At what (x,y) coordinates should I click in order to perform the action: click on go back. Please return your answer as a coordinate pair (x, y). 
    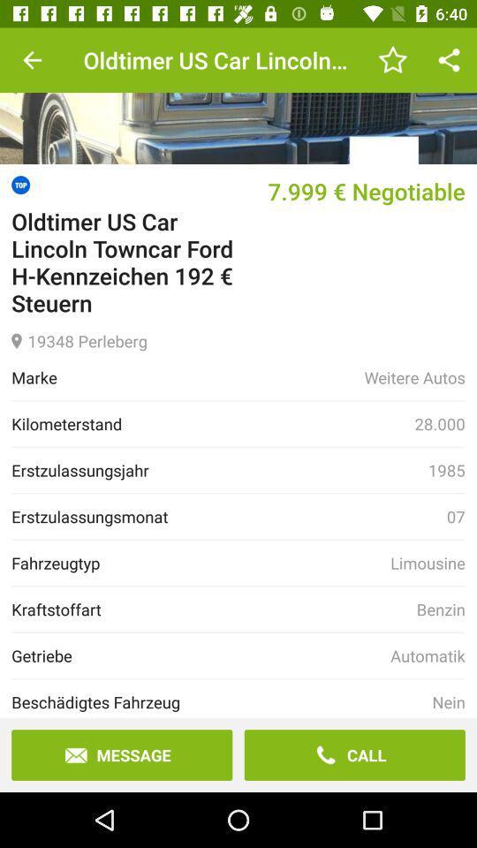
    Looking at the image, I should click on (32, 60).